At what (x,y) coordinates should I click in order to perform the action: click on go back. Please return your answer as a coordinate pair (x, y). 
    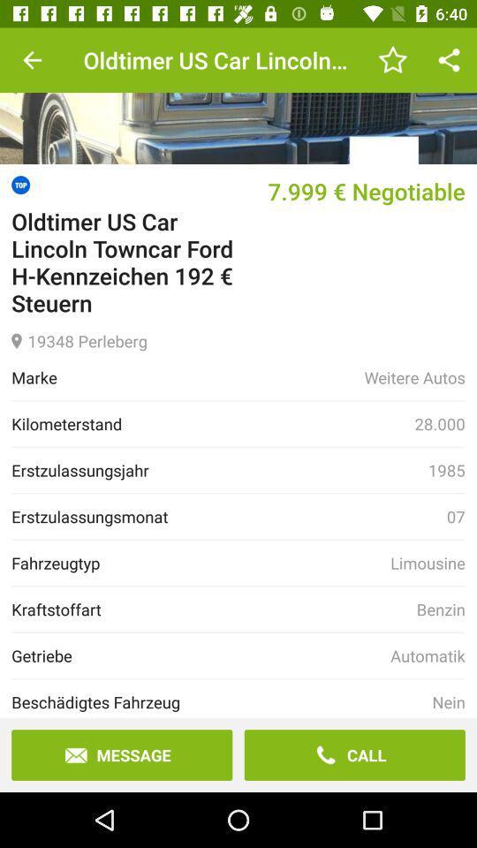
    Looking at the image, I should click on (32, 60).